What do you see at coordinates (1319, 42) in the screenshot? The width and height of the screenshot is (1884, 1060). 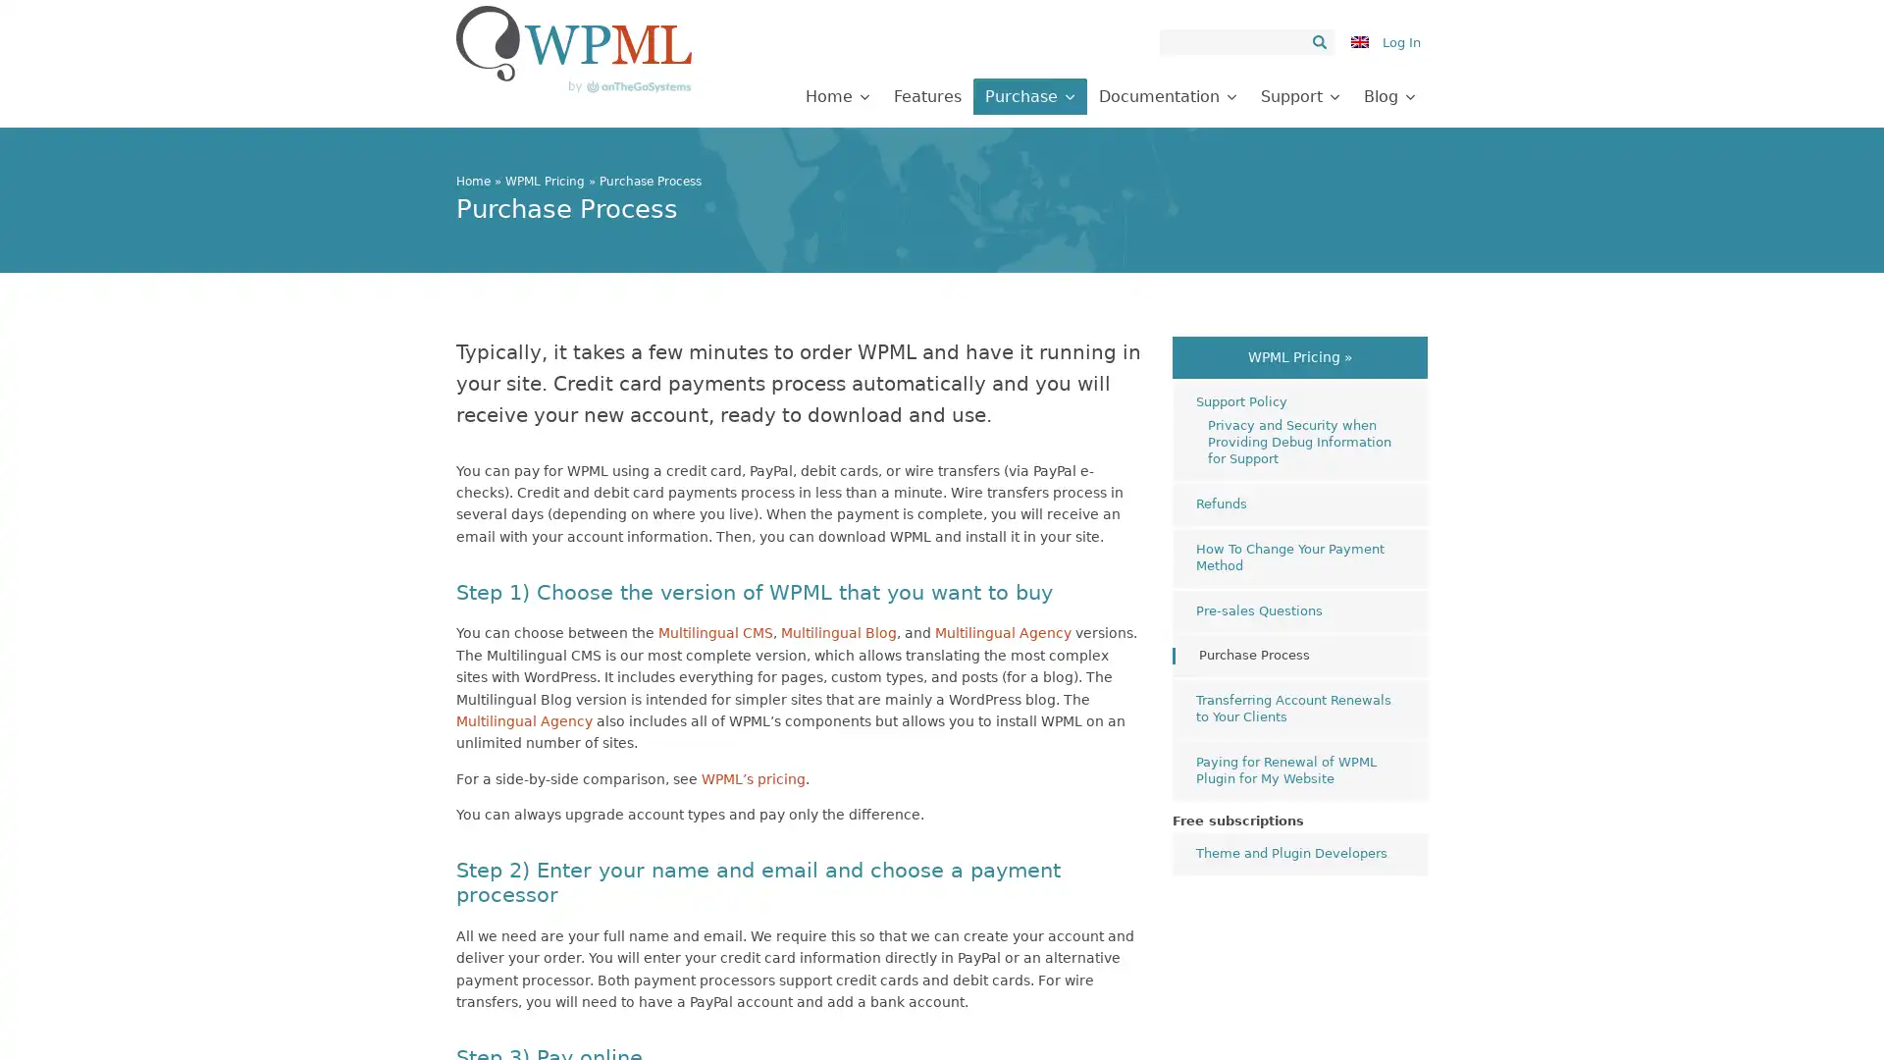 I see `Search` at bounding box center [1319, 42].